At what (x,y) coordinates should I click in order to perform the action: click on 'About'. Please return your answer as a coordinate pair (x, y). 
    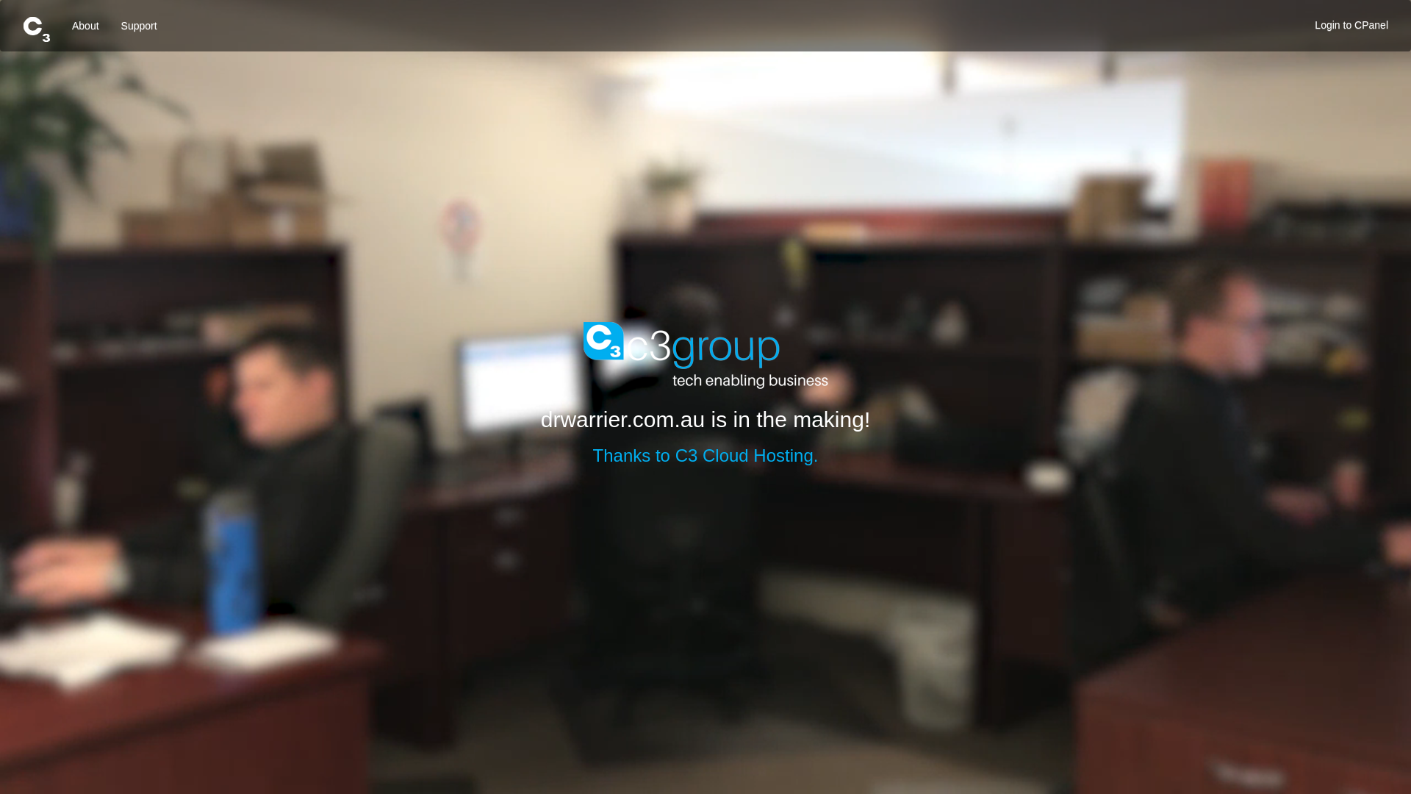
    Looking at the image, I should click on (85, 25).